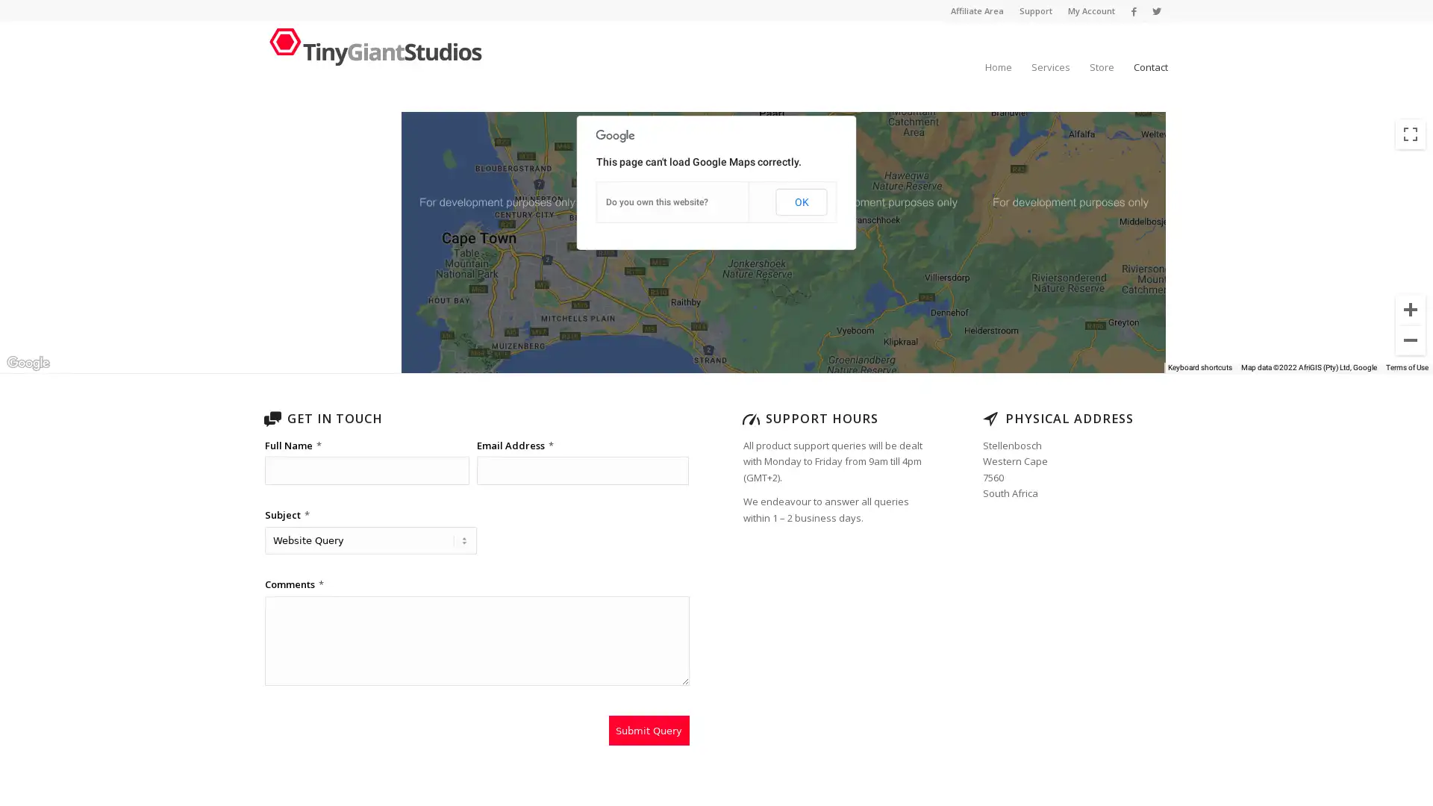 This screenshot has width=1433, height=806. I want to click on OK, so click(800, 201).